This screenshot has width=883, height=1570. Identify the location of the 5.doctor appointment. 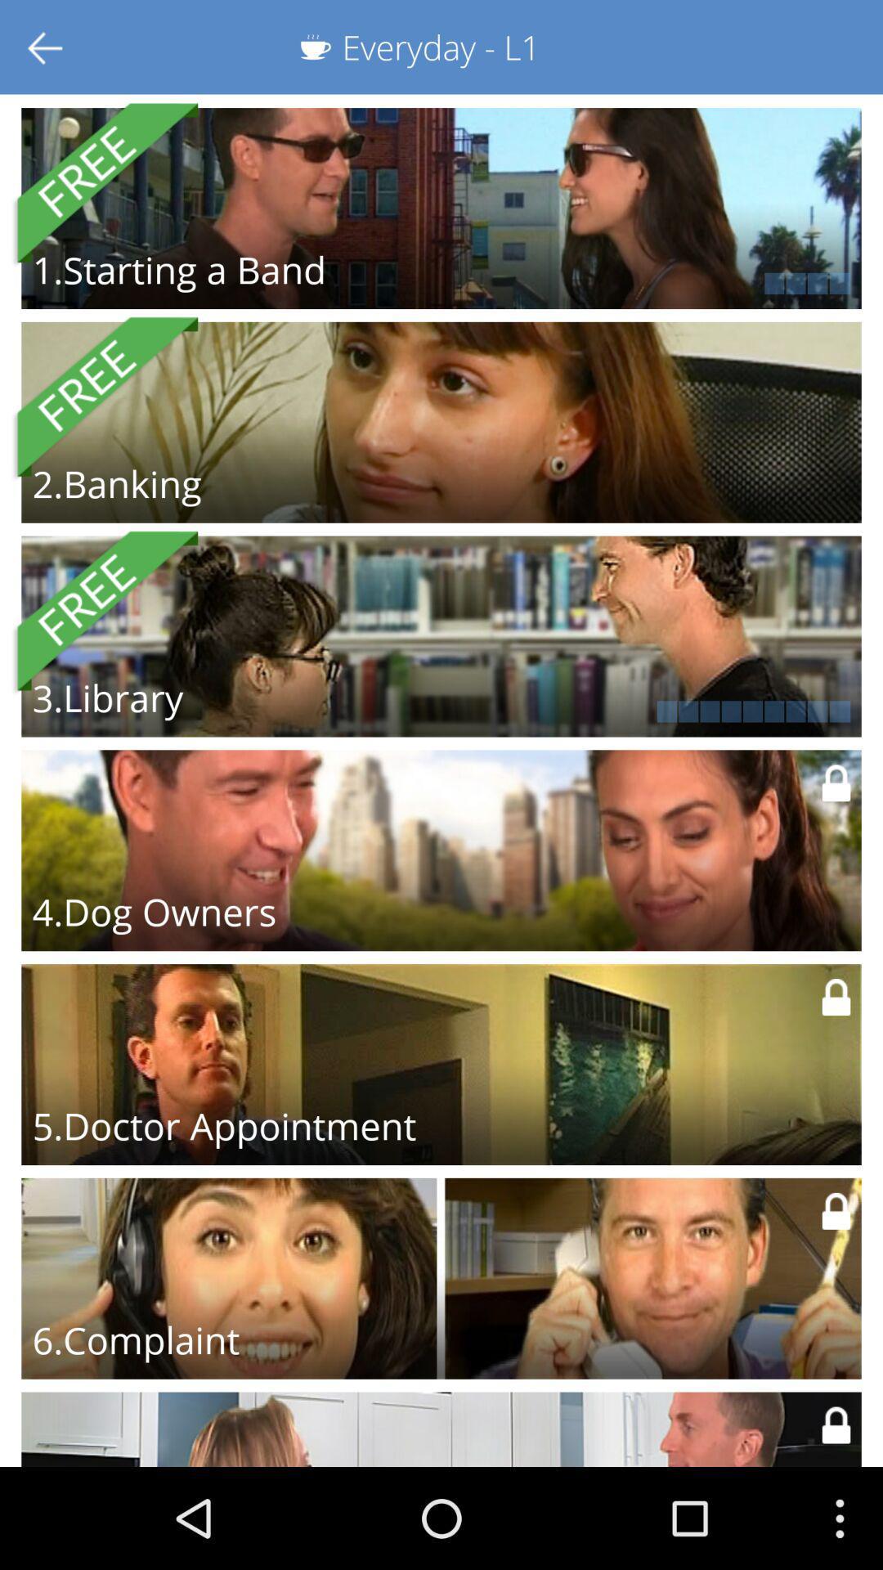
(224, 1125).